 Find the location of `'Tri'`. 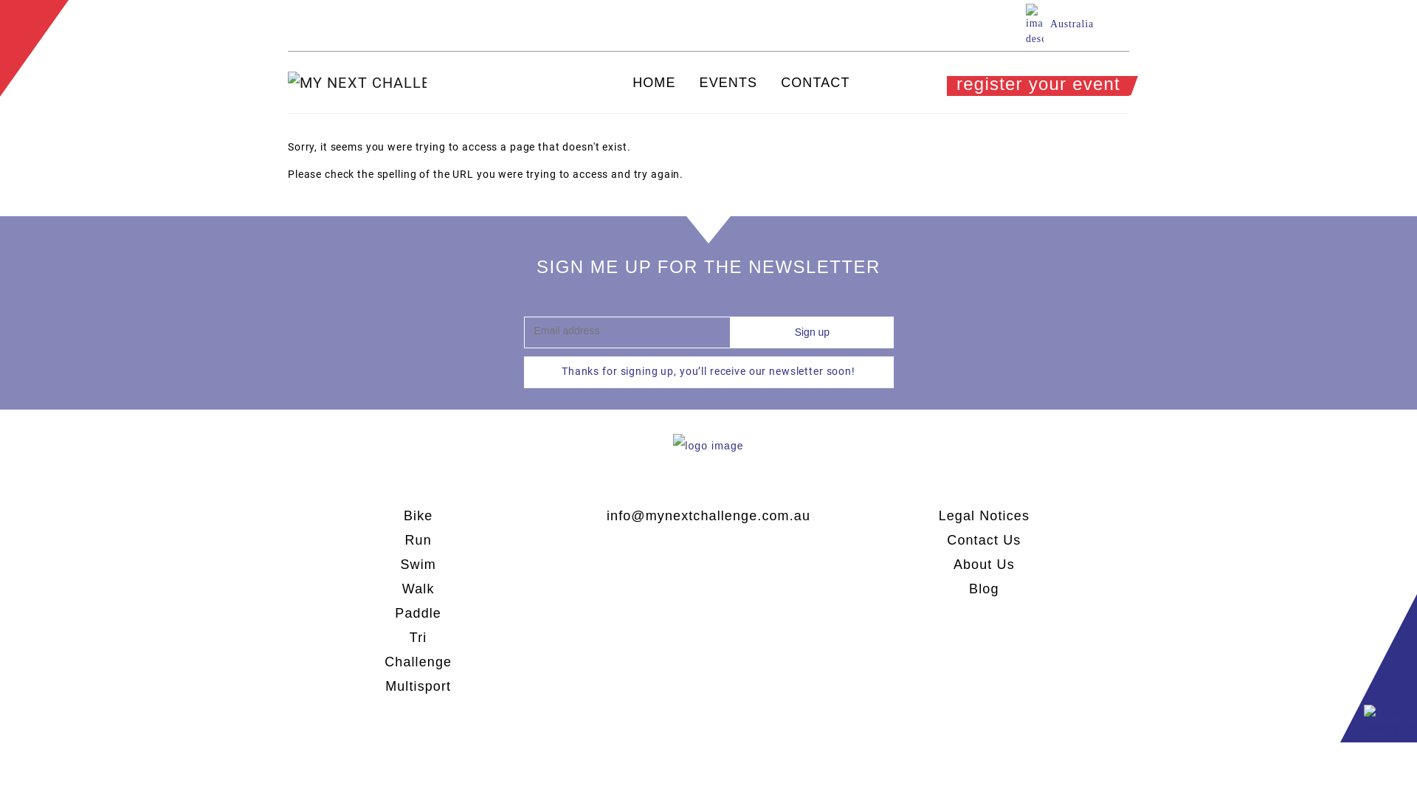

'Tri' is located at coordinates (410, 637).